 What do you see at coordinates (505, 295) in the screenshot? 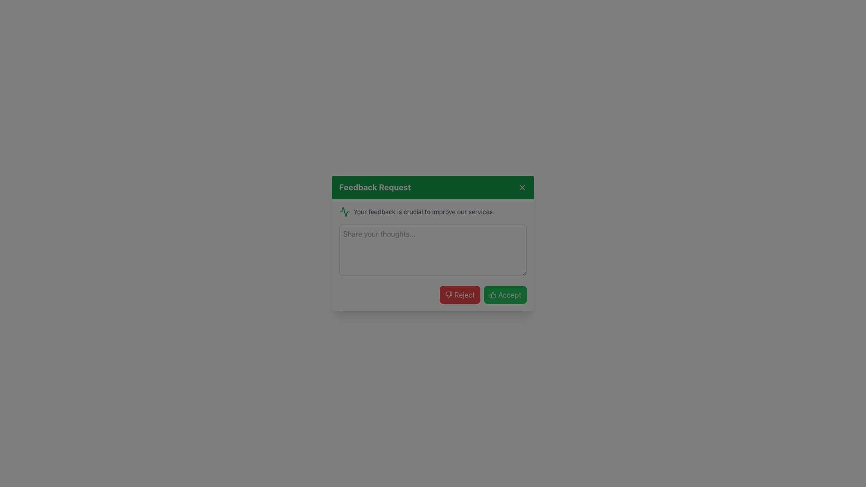
I see `the green 'Accept' button with a thumbs-up icon located within the feedback dialog box, positioned to the right of the 'Reject' button` at bounding box center [505, 295].